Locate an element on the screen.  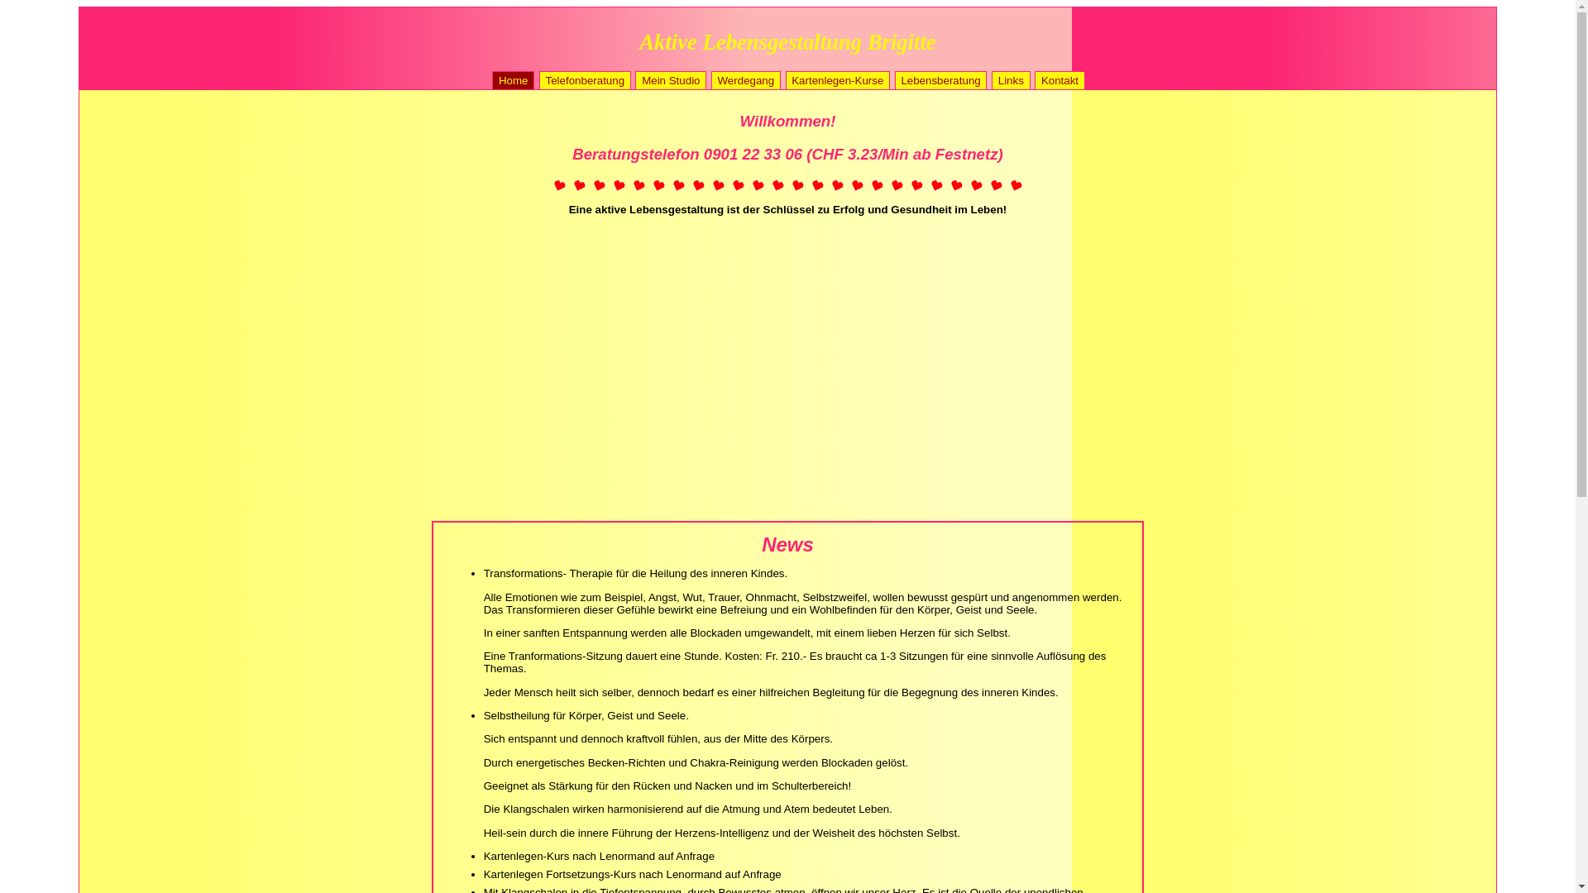
'Links' is located at coordinates (1010, 79).